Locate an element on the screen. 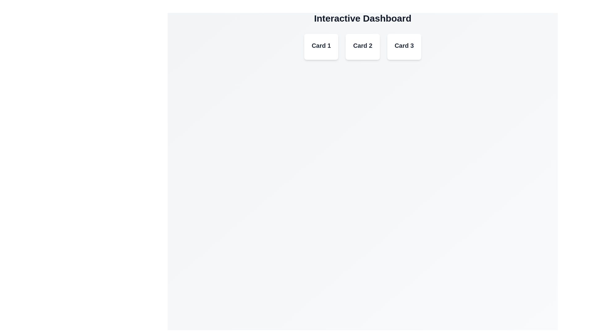 The width and height of the screenshot is (593, 333). the text label displaying 'Card 3' which is styled in bold and enlarged dark gray font, located within the third card of the 'Interactive Dashboard' is located at coordinates (404, 45).